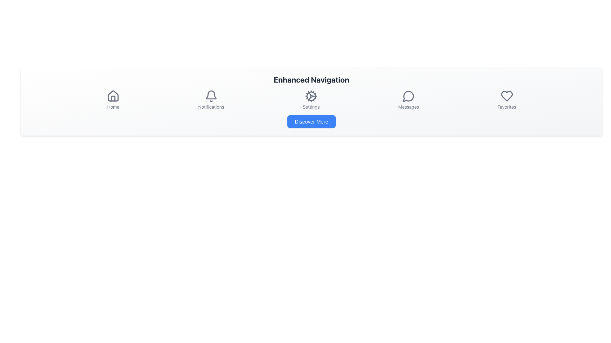 Image resolution: width=611 pixels, height=343 pixels. Describe the element at coordinates (310, 99) in the screenshot. I see `the highlighted segment of the cogwheel icon located in the toolbar under the 'Settings' label` at that location.